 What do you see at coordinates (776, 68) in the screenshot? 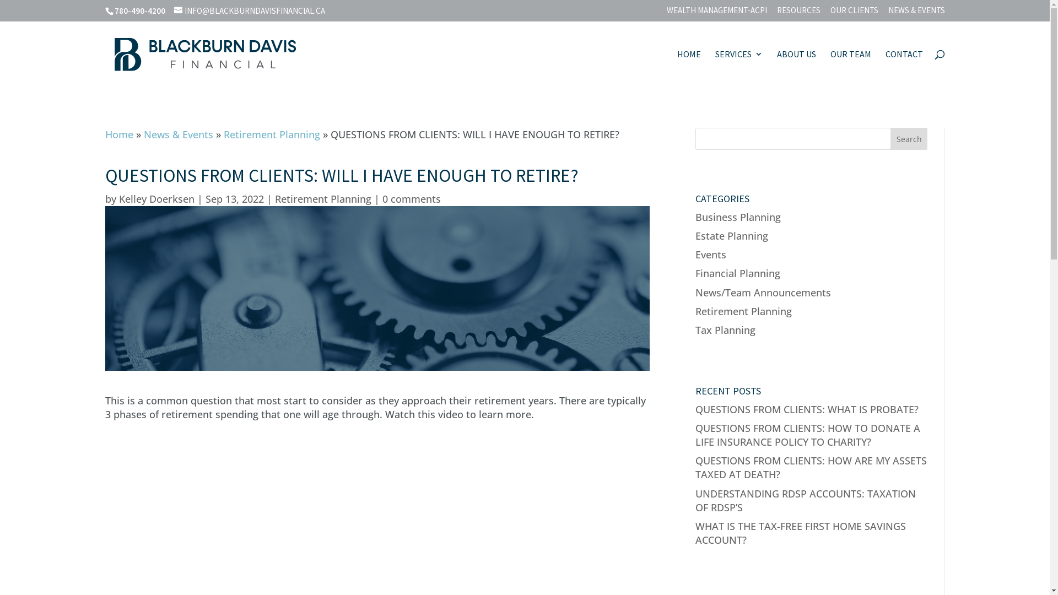
I see `'ABOUT US'` at bounding box center [776, 68].